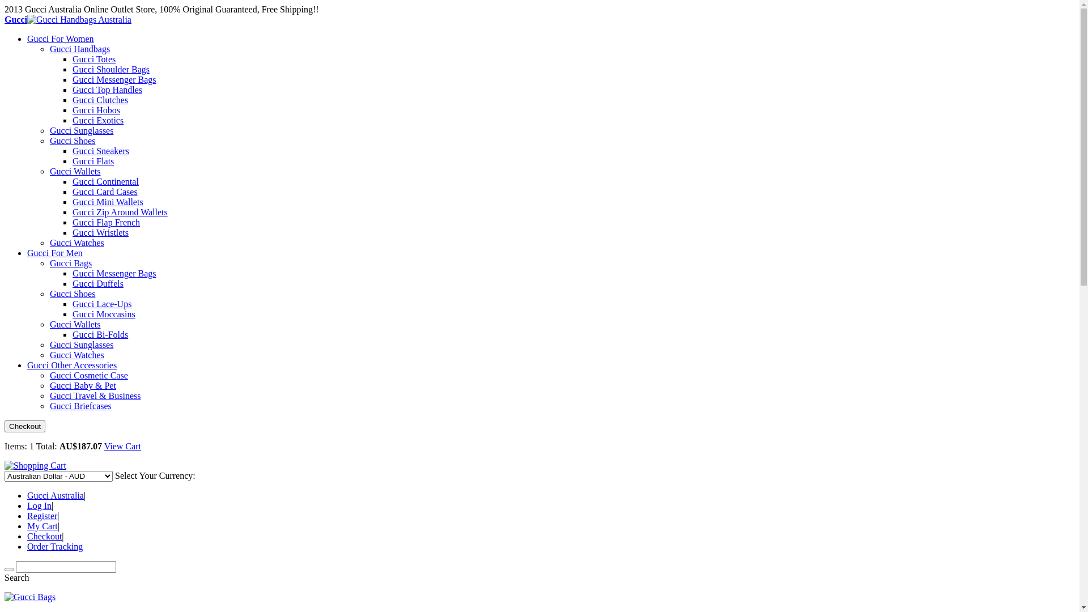 This screenshot has width=1088, height=612. Describe the element at coordinates (54, 252) in the screenshot. I see `'Gucci For Men'` at that location.